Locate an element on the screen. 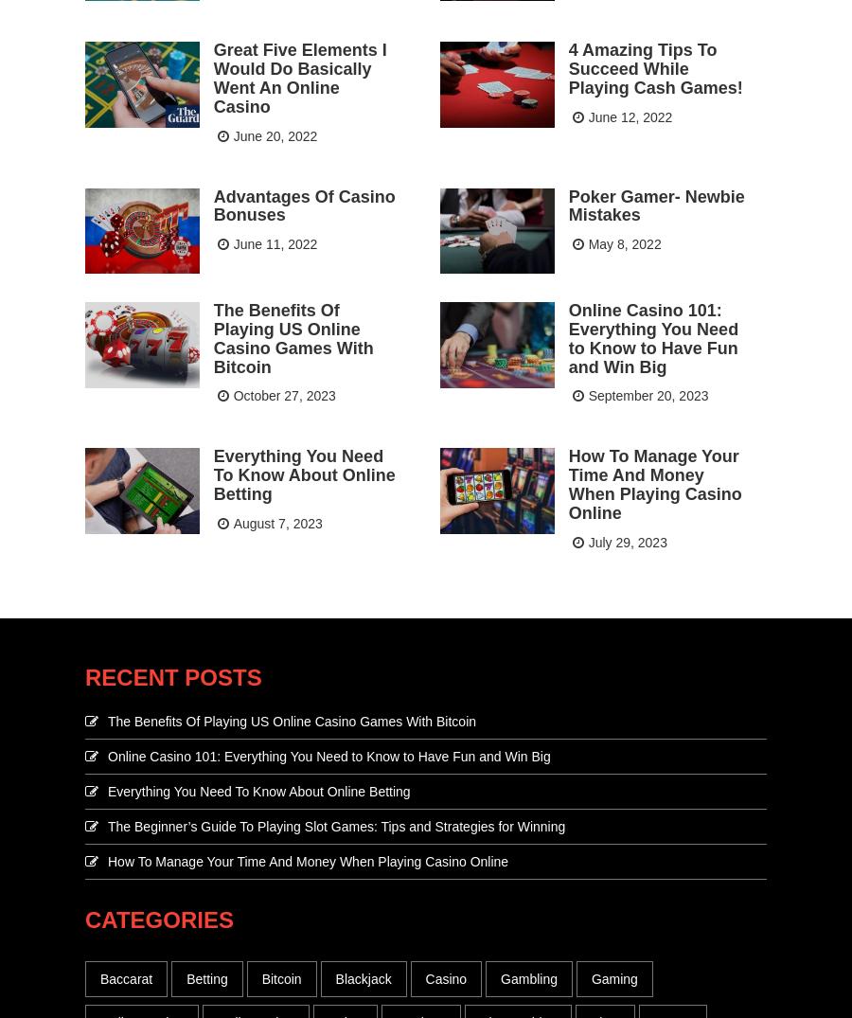 The height and width of the screenshot is (1018, 852). 'August 7, 2023' is located at coordinates (276, 522).